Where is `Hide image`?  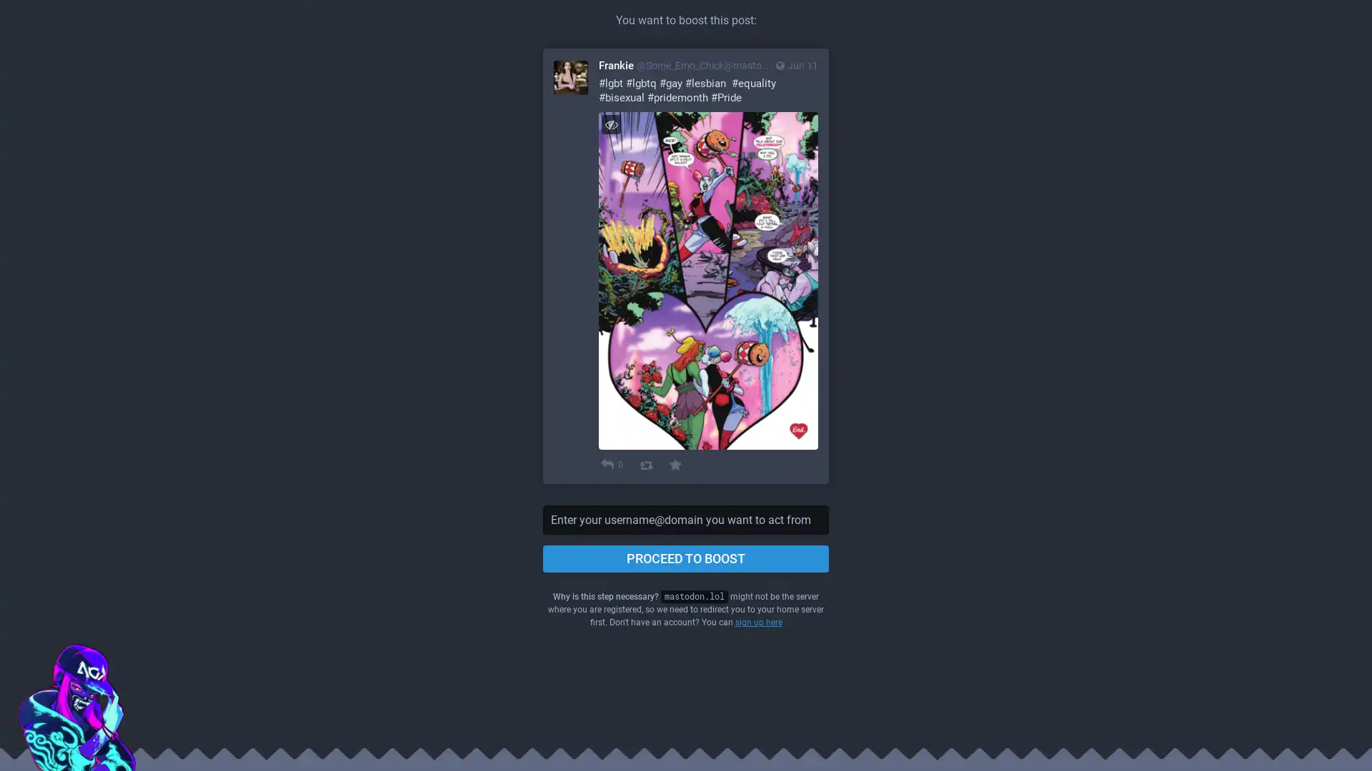 Hide image is located at coordinates (611, 124).